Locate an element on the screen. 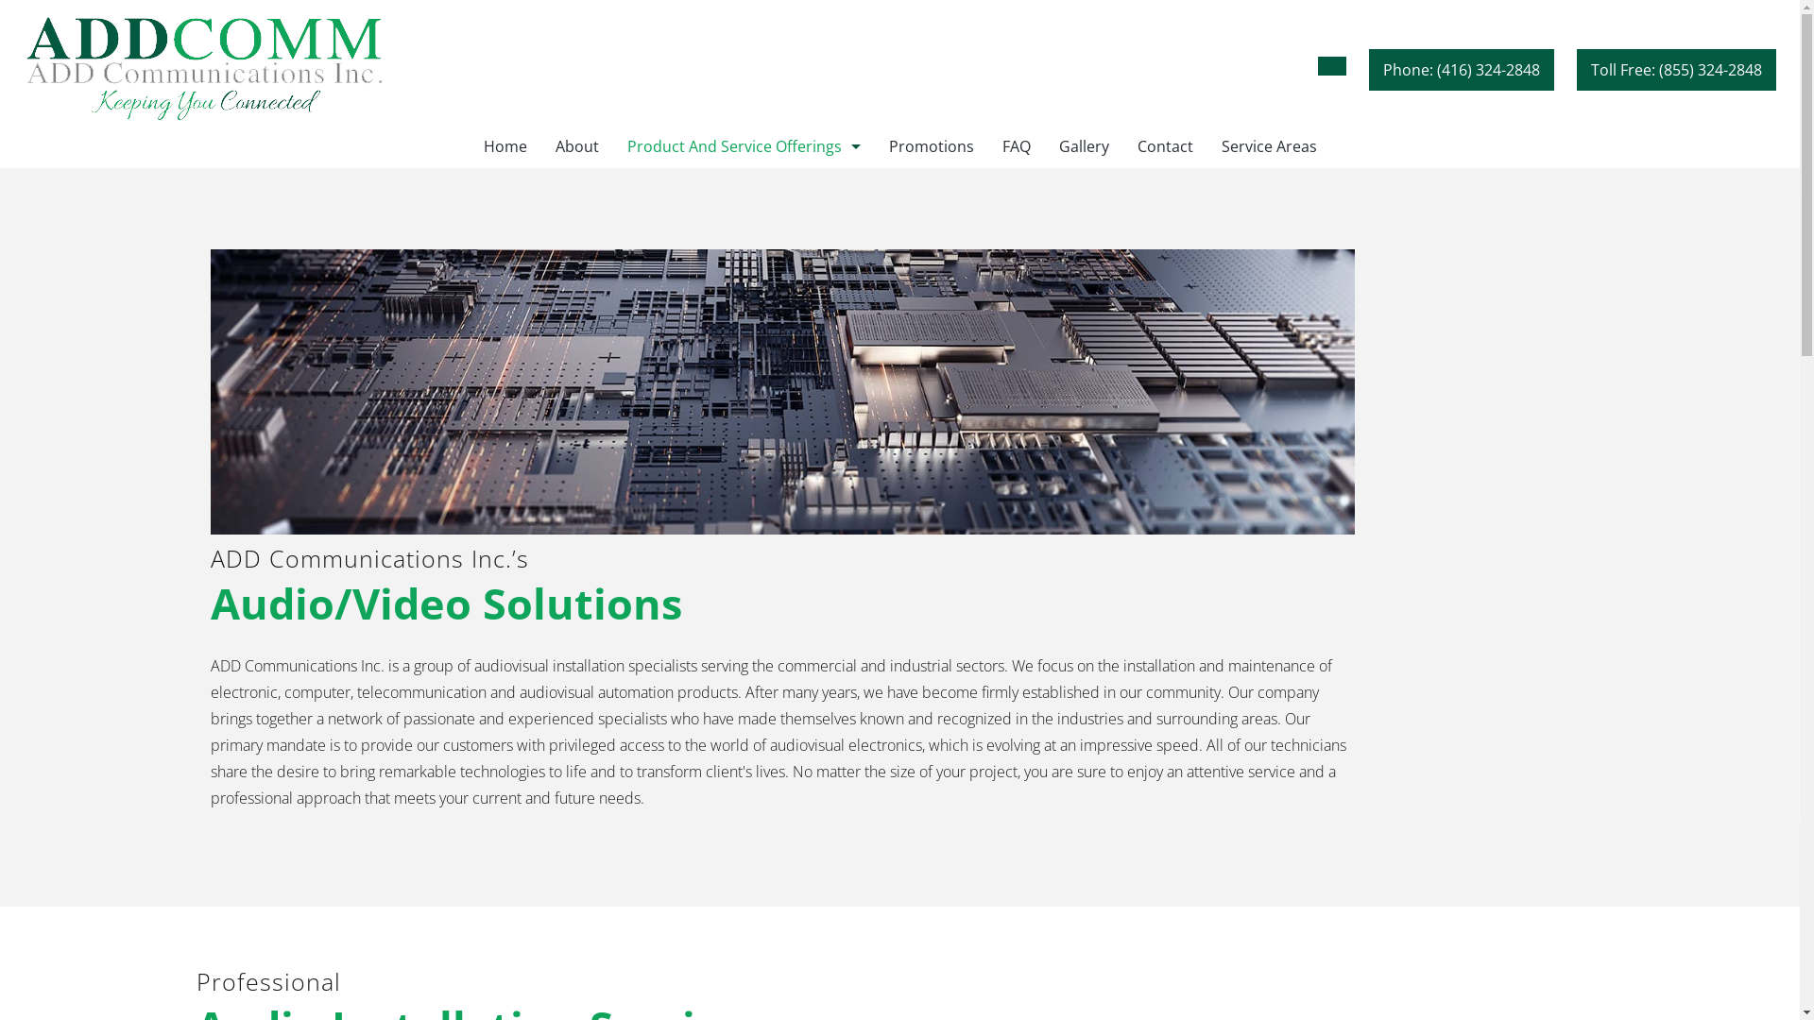  'Product And Service Offerings' is located at coordinates (742, 145).